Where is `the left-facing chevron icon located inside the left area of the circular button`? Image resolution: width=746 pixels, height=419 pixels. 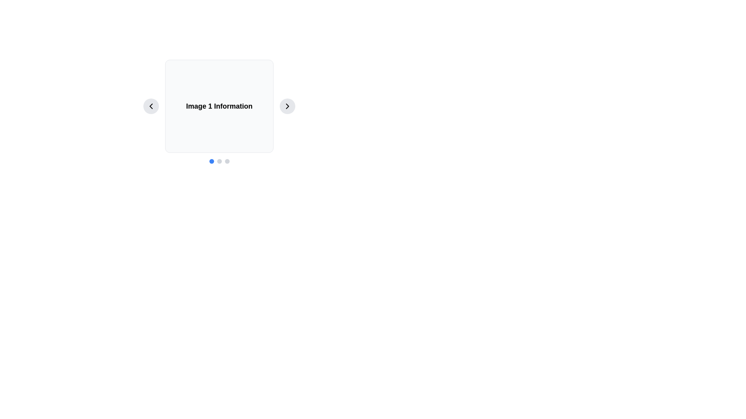 the left-facing chevron icon located inside the left area of the circular button is located at coordinates (151, 106).